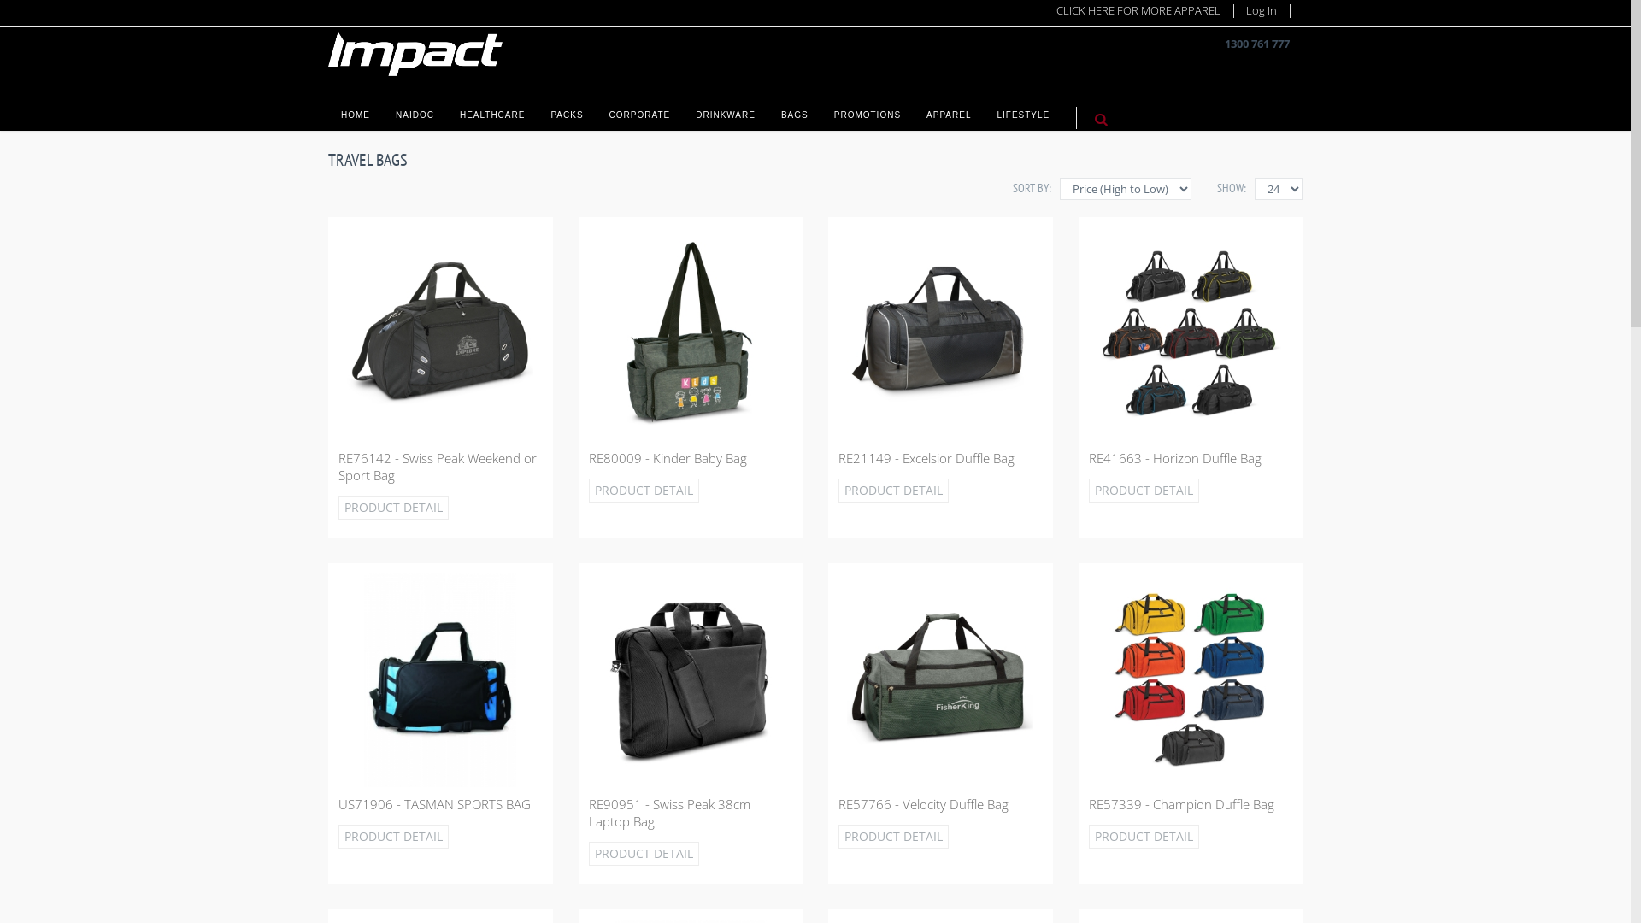 The width and height of the screenshot is (1641, 923). What do you see at coordinates (820, 105) in the screenshot?
I see `'PROMOTIONS'` at bounding box center [820, 105].